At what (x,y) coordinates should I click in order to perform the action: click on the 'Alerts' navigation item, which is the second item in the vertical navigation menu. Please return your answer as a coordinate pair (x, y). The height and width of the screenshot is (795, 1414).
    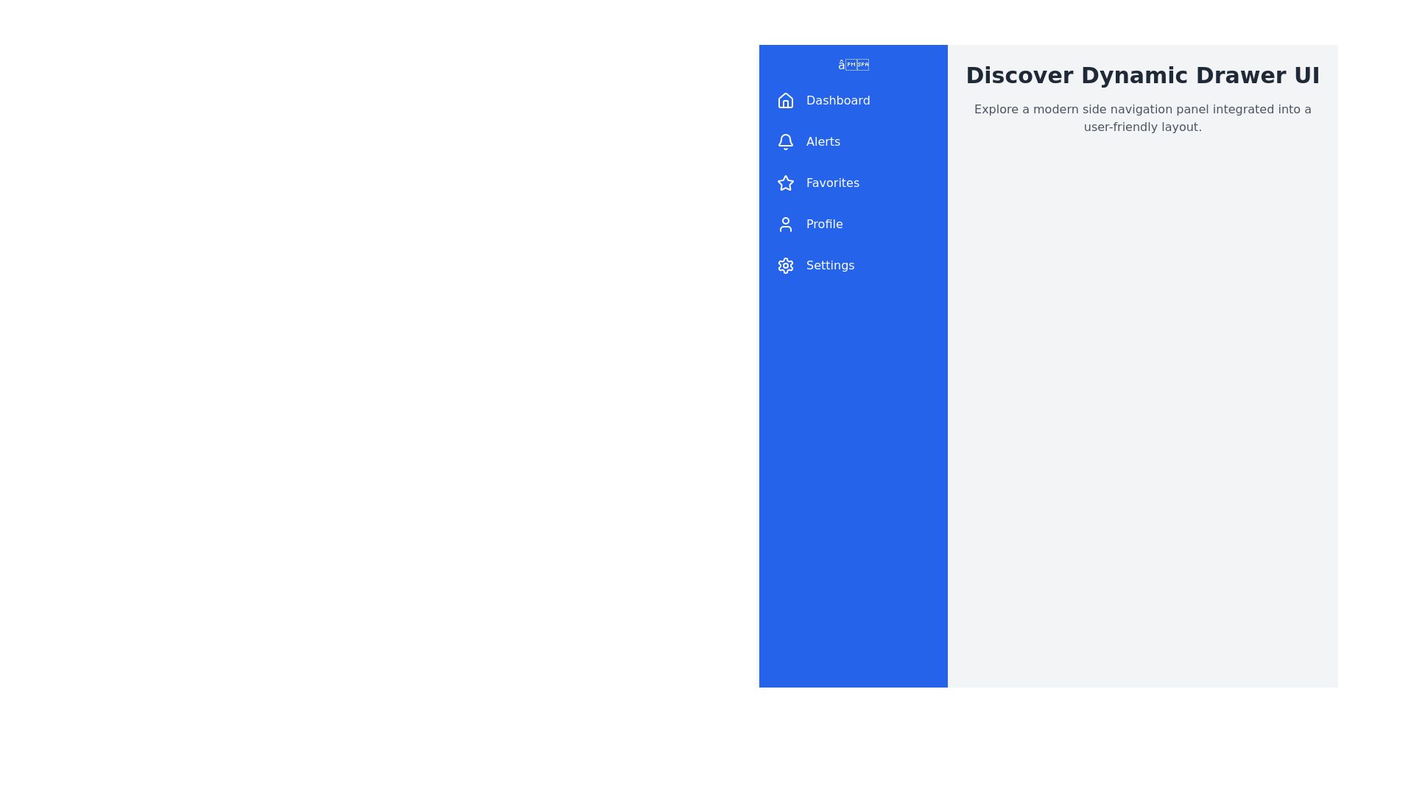
    Looking at the image, I should click on (853, 141).